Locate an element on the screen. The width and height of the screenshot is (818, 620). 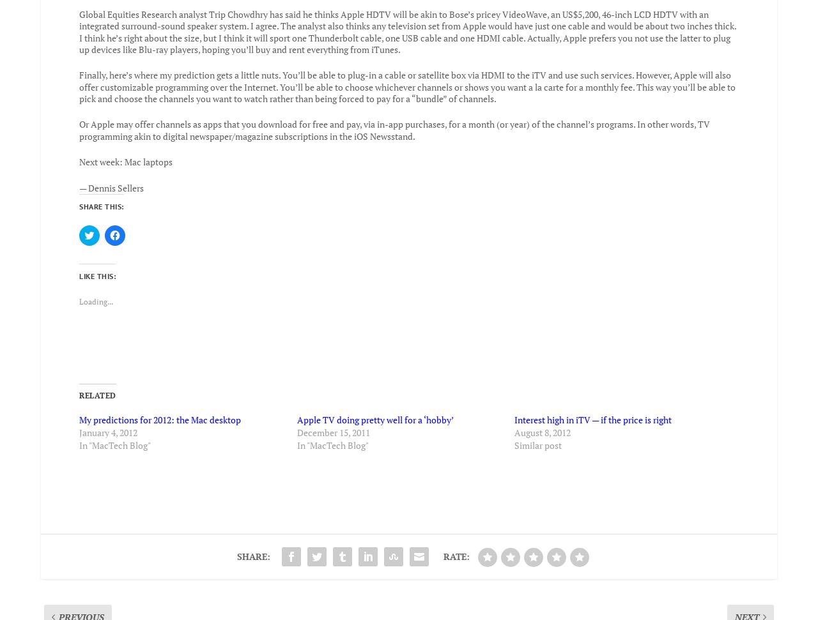
'Loading...' is located at coordinates (95, 292).